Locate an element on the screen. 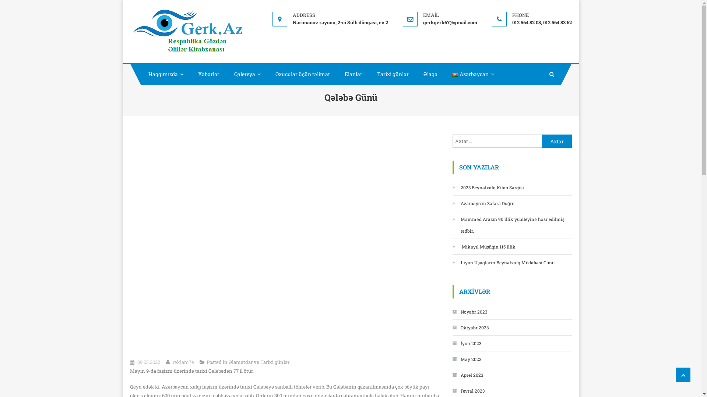 This screenshot has height=397, width=707. 'Elanlar' is located at coordinates (337, 74).